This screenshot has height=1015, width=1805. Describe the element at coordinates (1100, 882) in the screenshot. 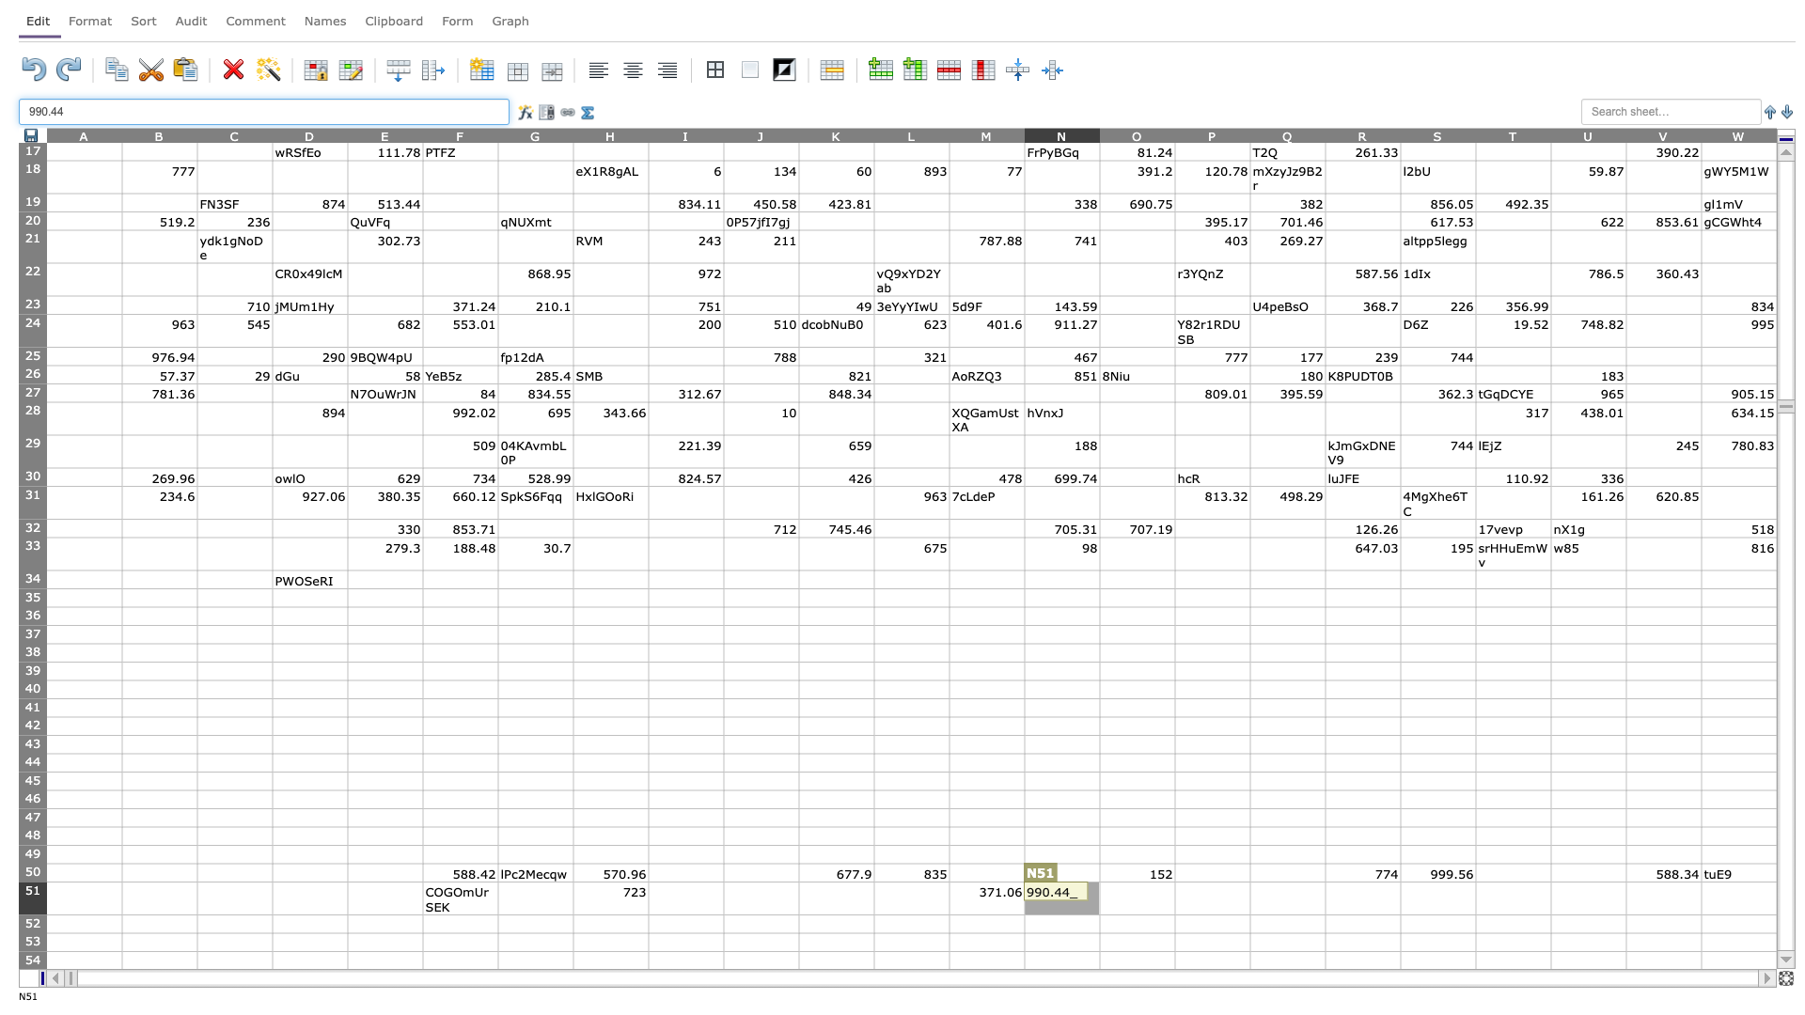

I see `Upper left of O51` at that location.